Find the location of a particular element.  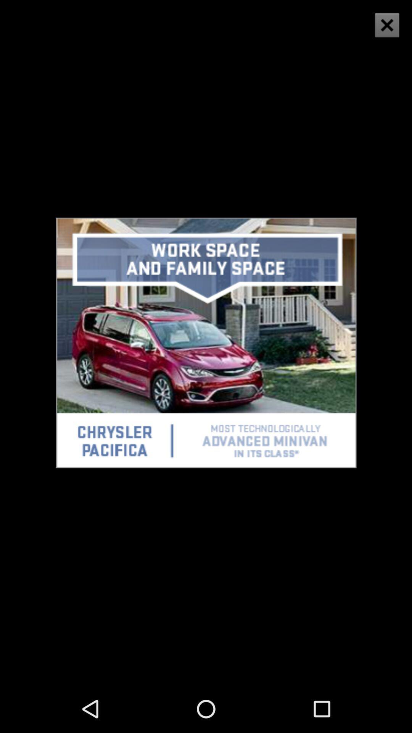

the close icon is located at coordinates (387, 27).